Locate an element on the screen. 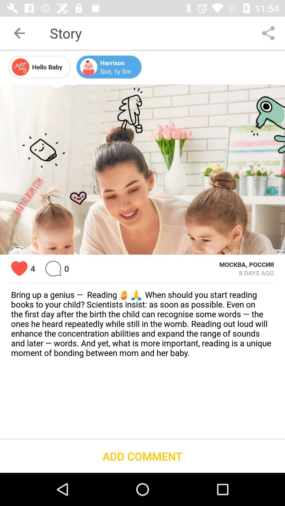 This screenshot has height=506, width=285. the icon next to story item is located at coordinates (19, 33).